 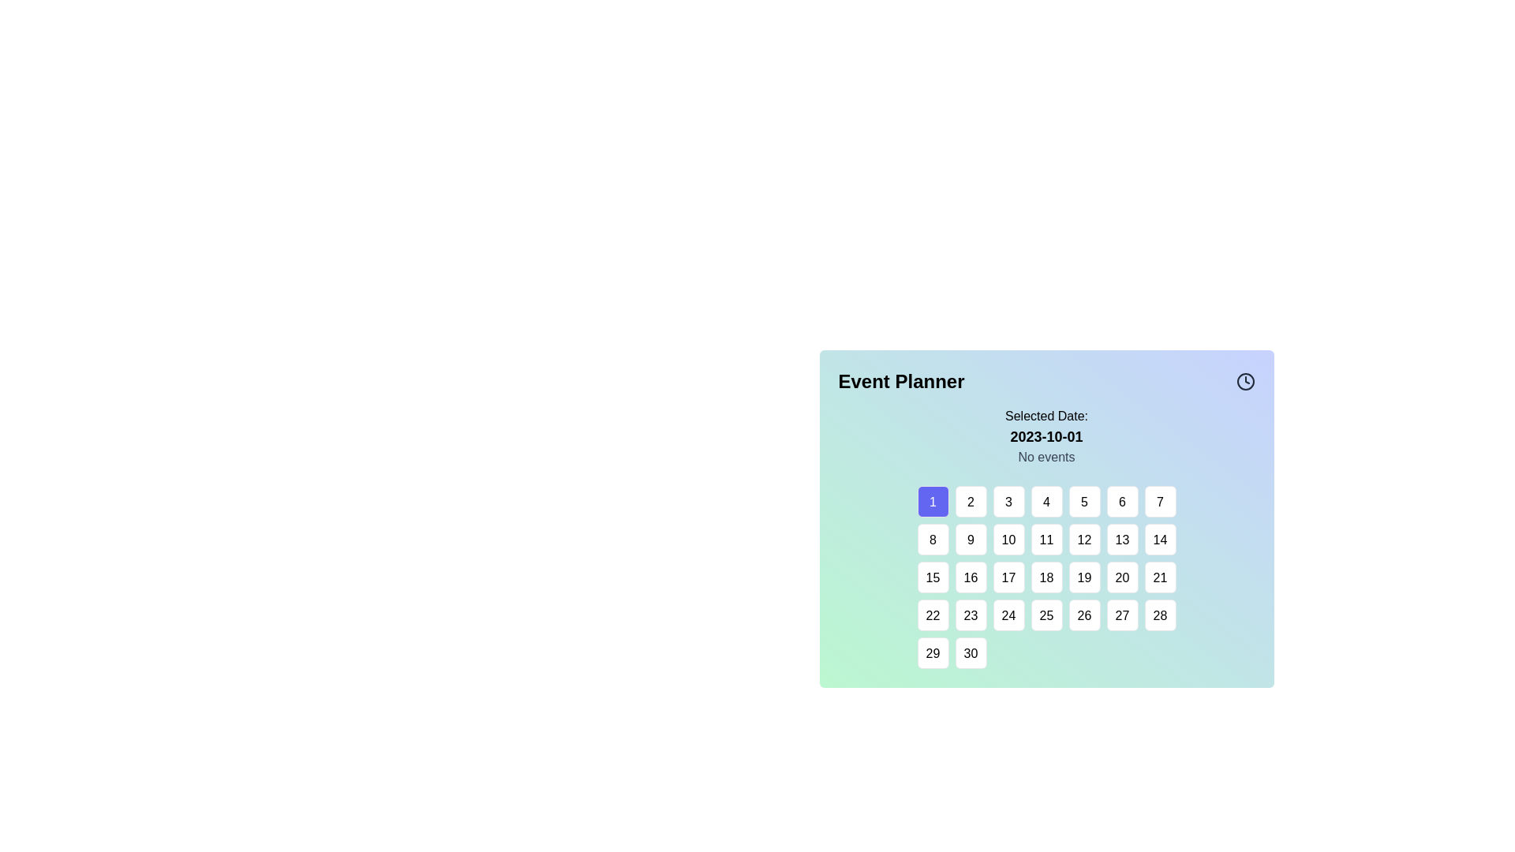 I want to click on the button representing the date '21' in the calendar interface located in the sixth row and seventh column, so click(x=1160, y=577).